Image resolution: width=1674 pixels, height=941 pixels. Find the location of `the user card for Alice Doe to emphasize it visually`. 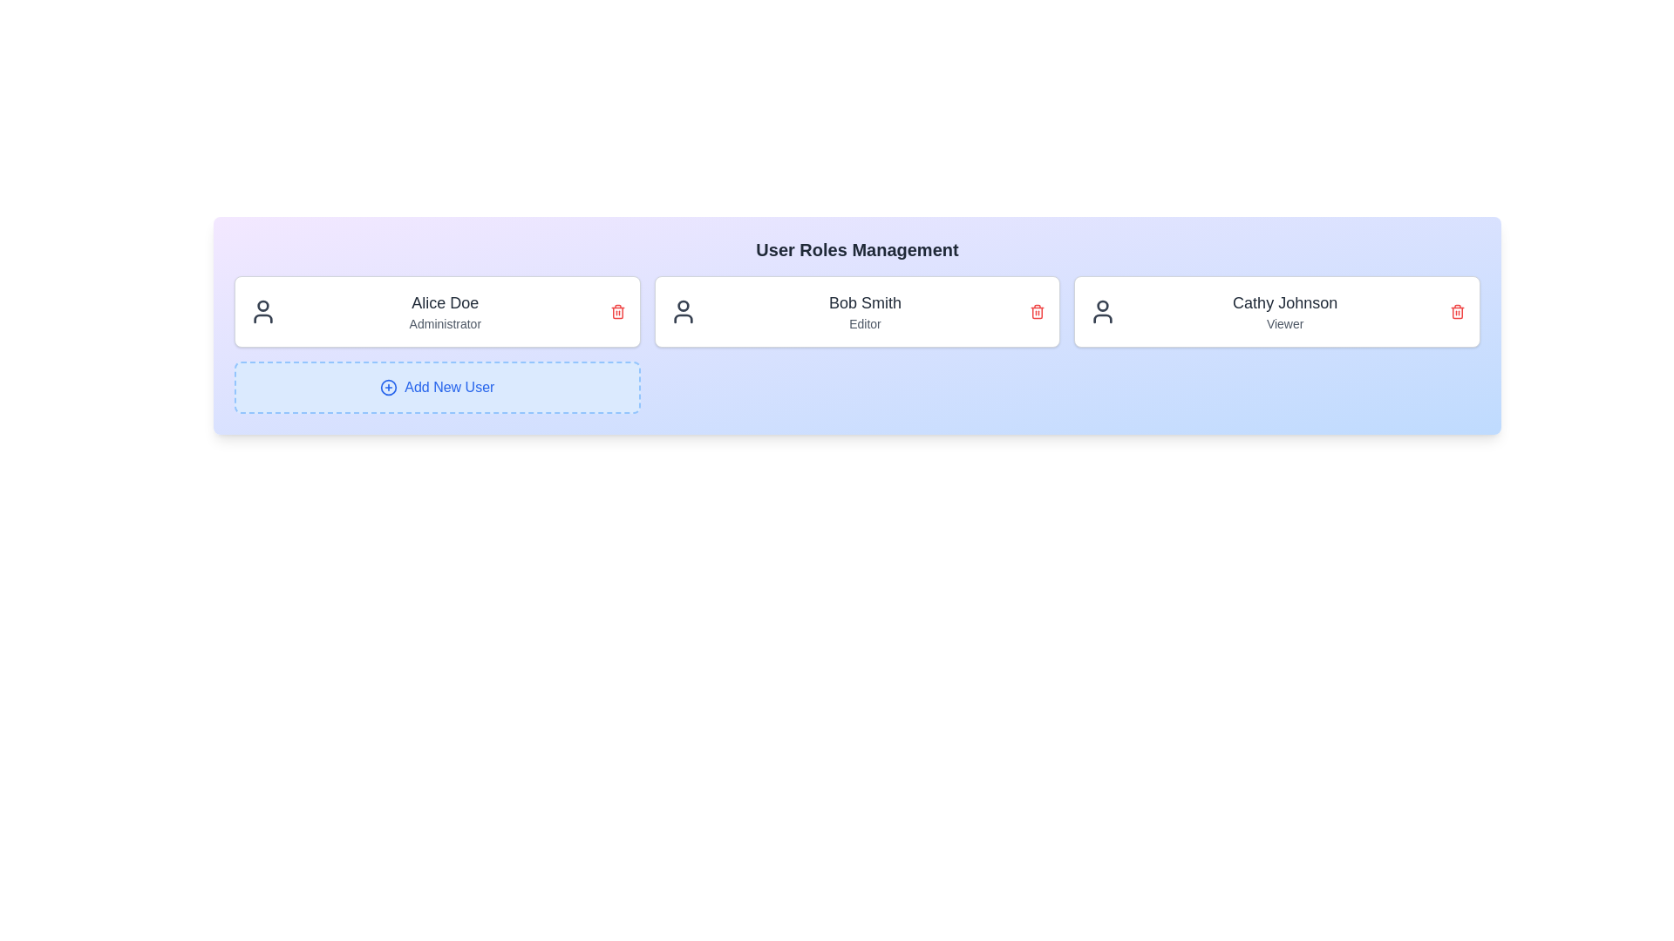

the user card for Alice Doe to emphasize it visually is located at coordinates (437, 311).